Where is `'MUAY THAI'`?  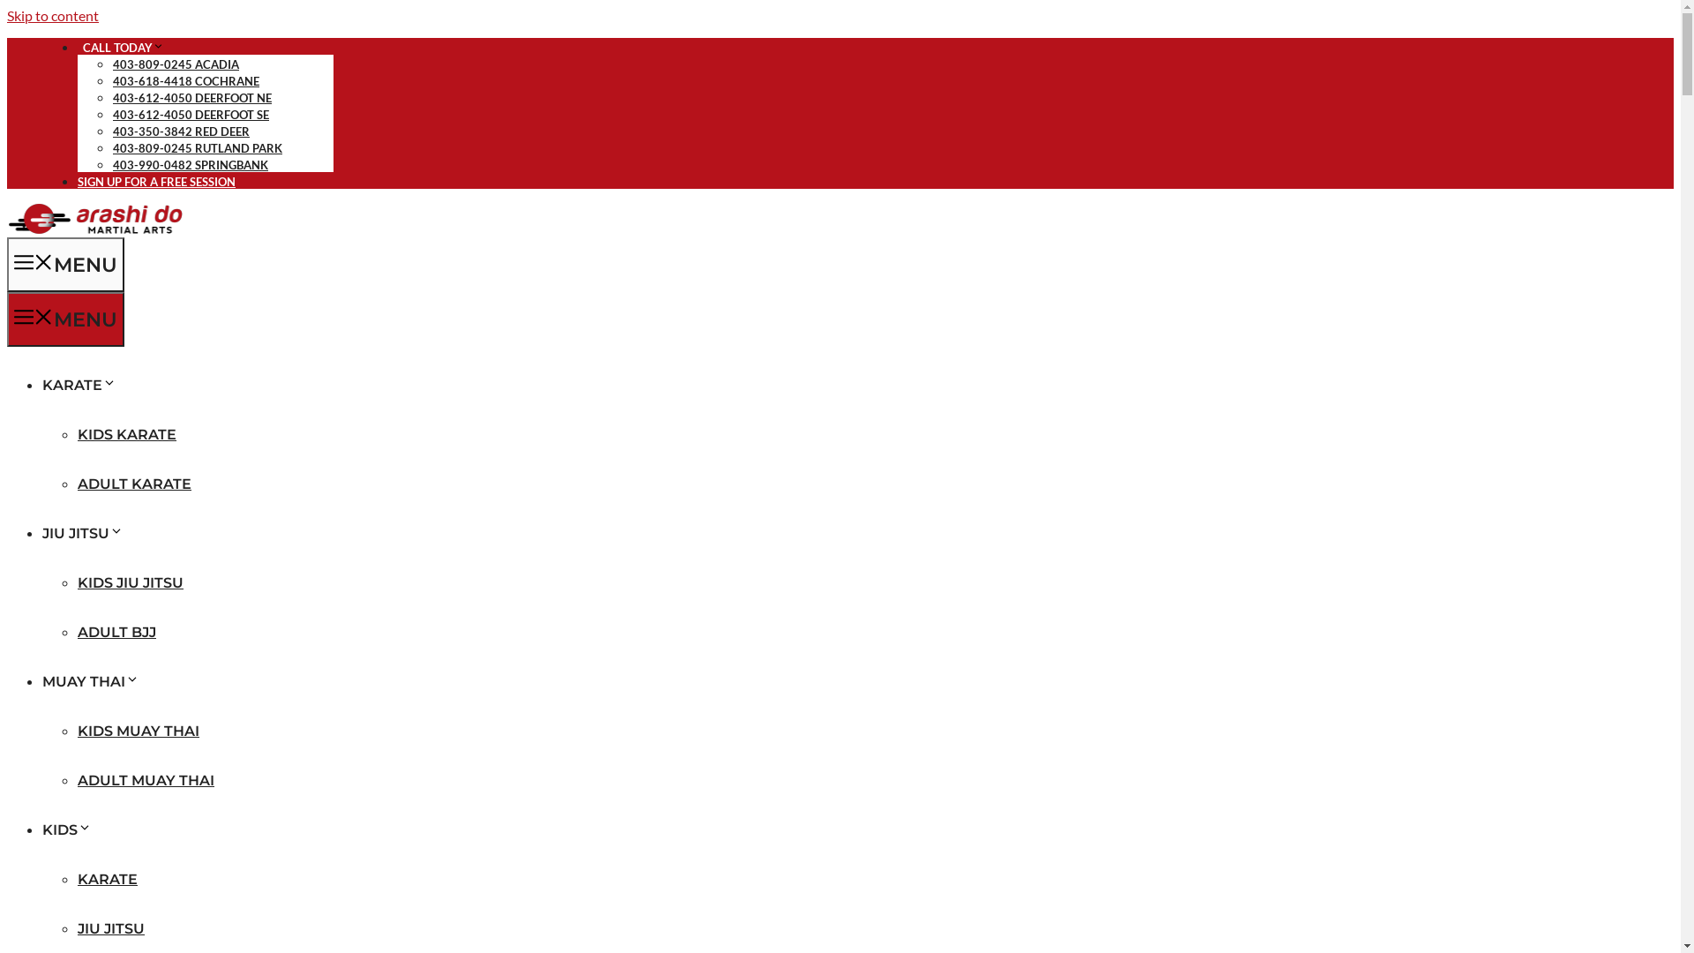 'MUAY THAI' is located at coordinates (89, 680).